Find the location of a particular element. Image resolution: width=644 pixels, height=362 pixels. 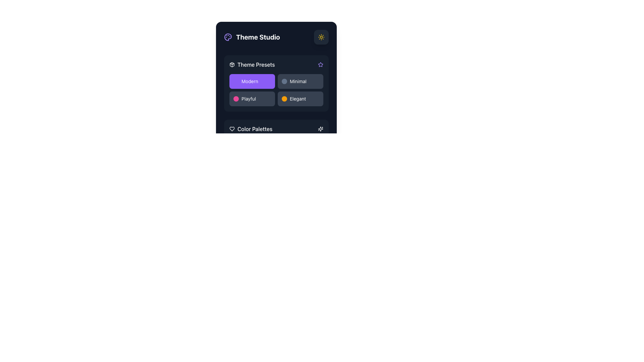

the rectangular button with rounded corners, violet background, and white text that says 'Modern' is located at coordinates (252, 81).